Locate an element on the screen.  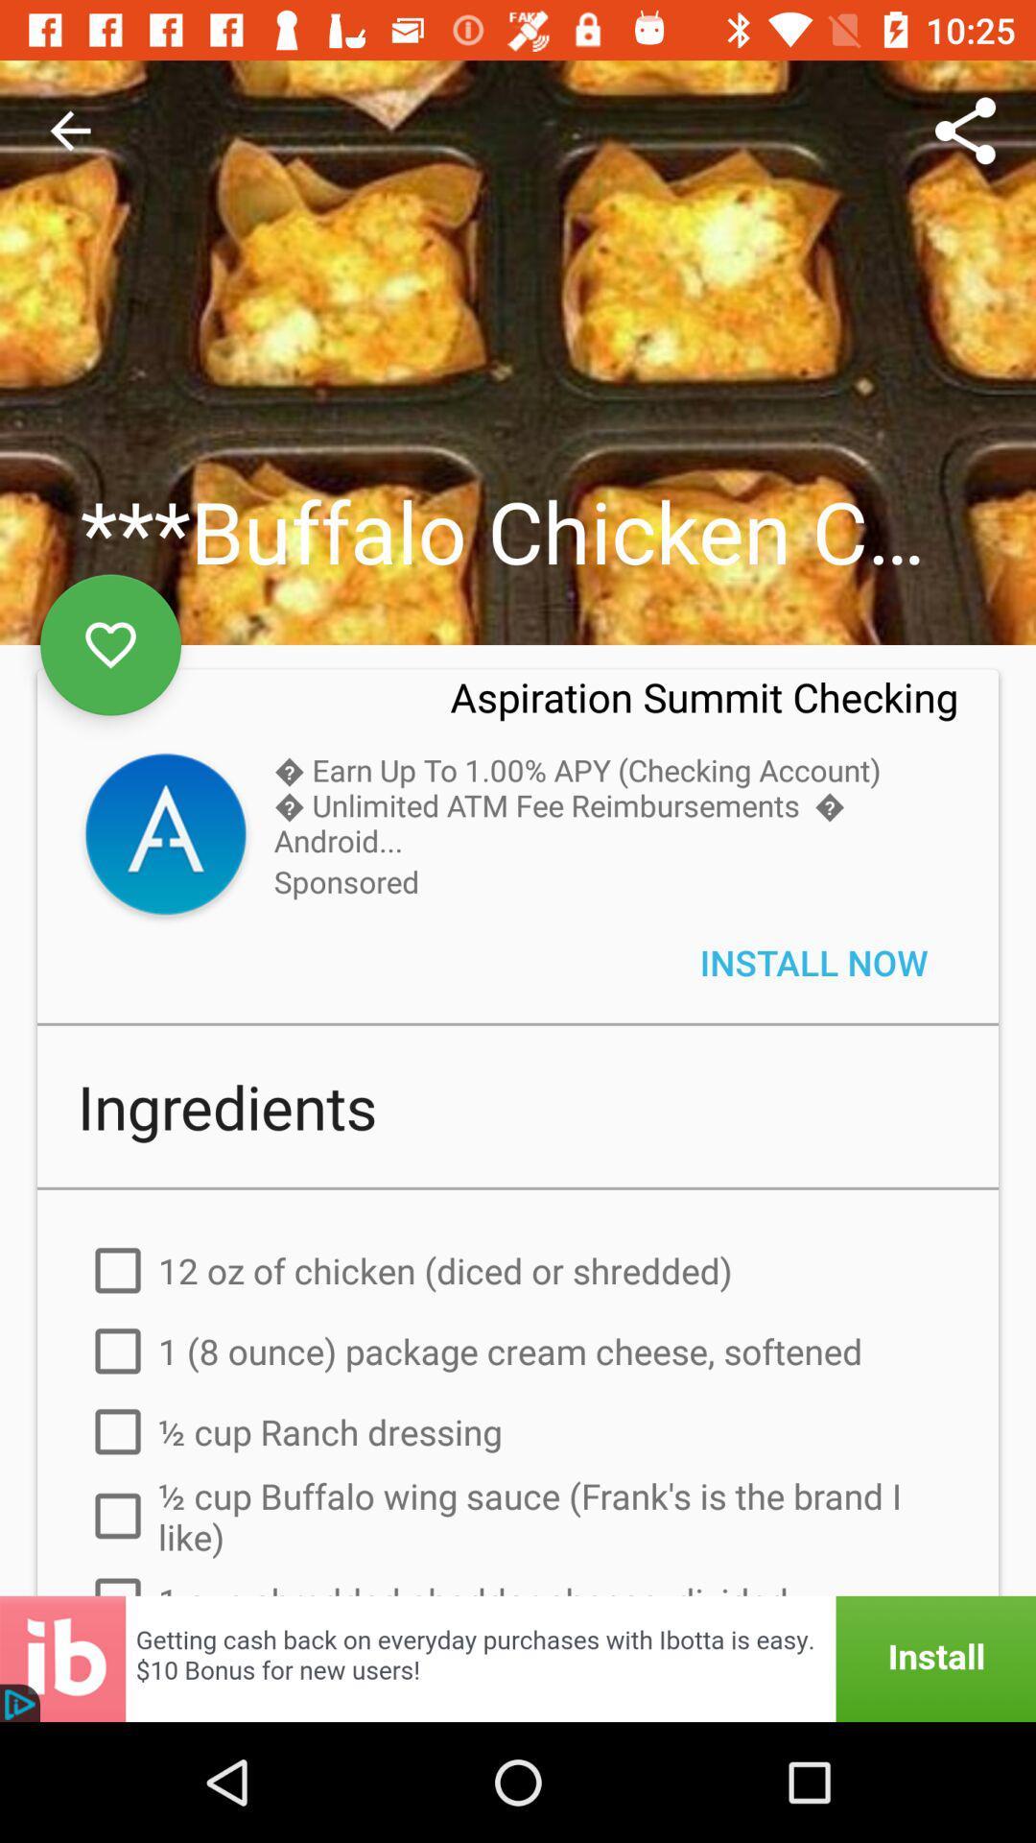
the favorite icon is located at coordinates (110, 645).